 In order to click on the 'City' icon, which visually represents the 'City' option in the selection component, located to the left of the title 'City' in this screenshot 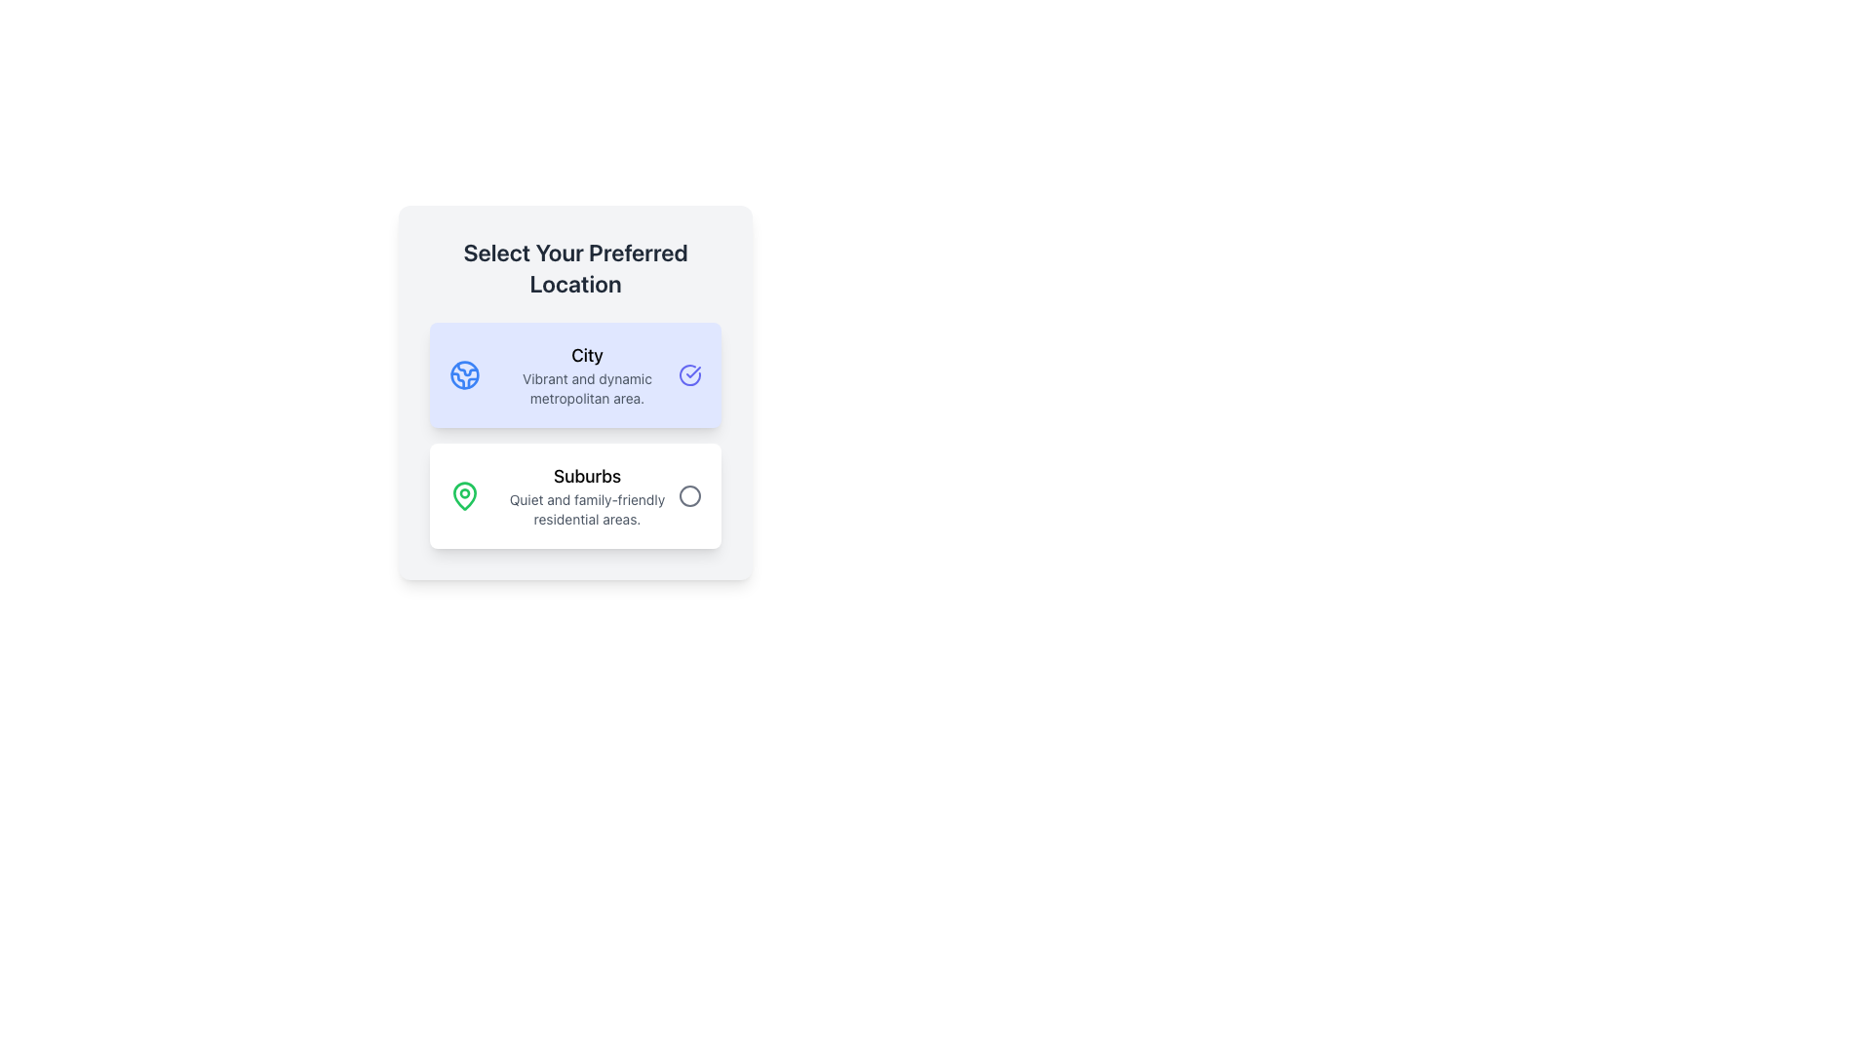, I will do `click(463, 375)`.